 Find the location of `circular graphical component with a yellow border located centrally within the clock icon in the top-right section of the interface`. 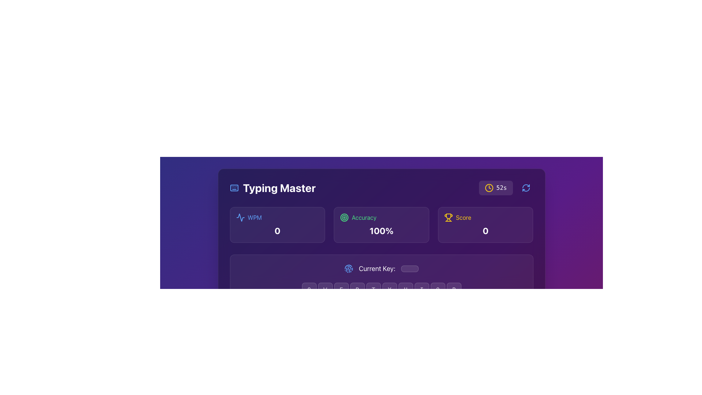

circular graphical component with a yellow border located centrally within the clock icon in the top-right section of the interface is located at coordinates (489, 187).